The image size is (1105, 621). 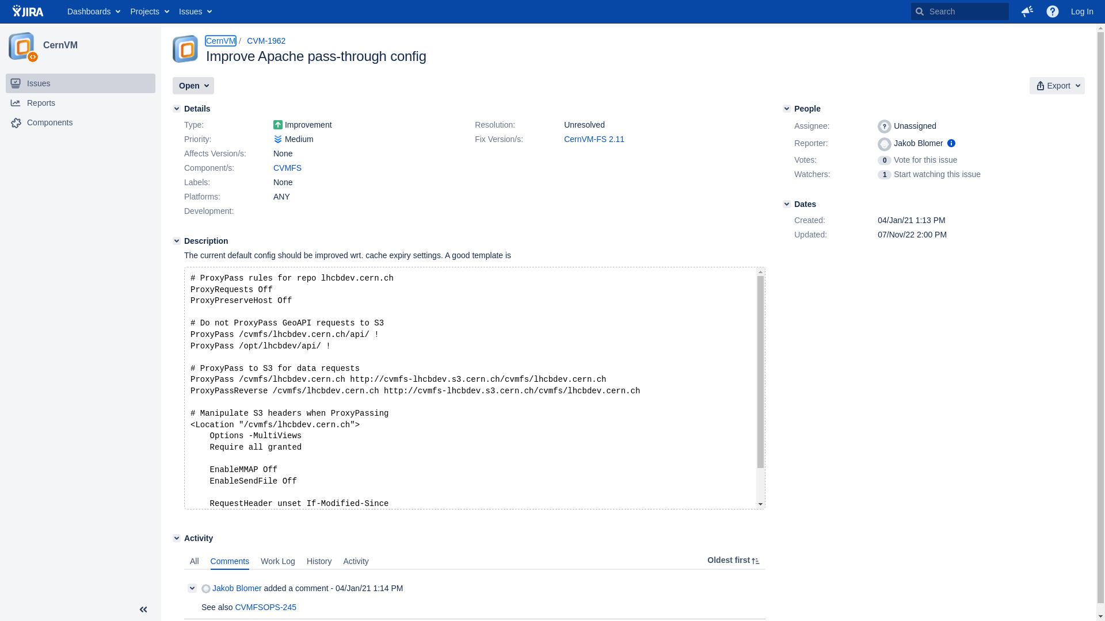 What do you see at coordinates (184, 560) in the screenshot?
I see `'All'` at bounding box center [184, 560].